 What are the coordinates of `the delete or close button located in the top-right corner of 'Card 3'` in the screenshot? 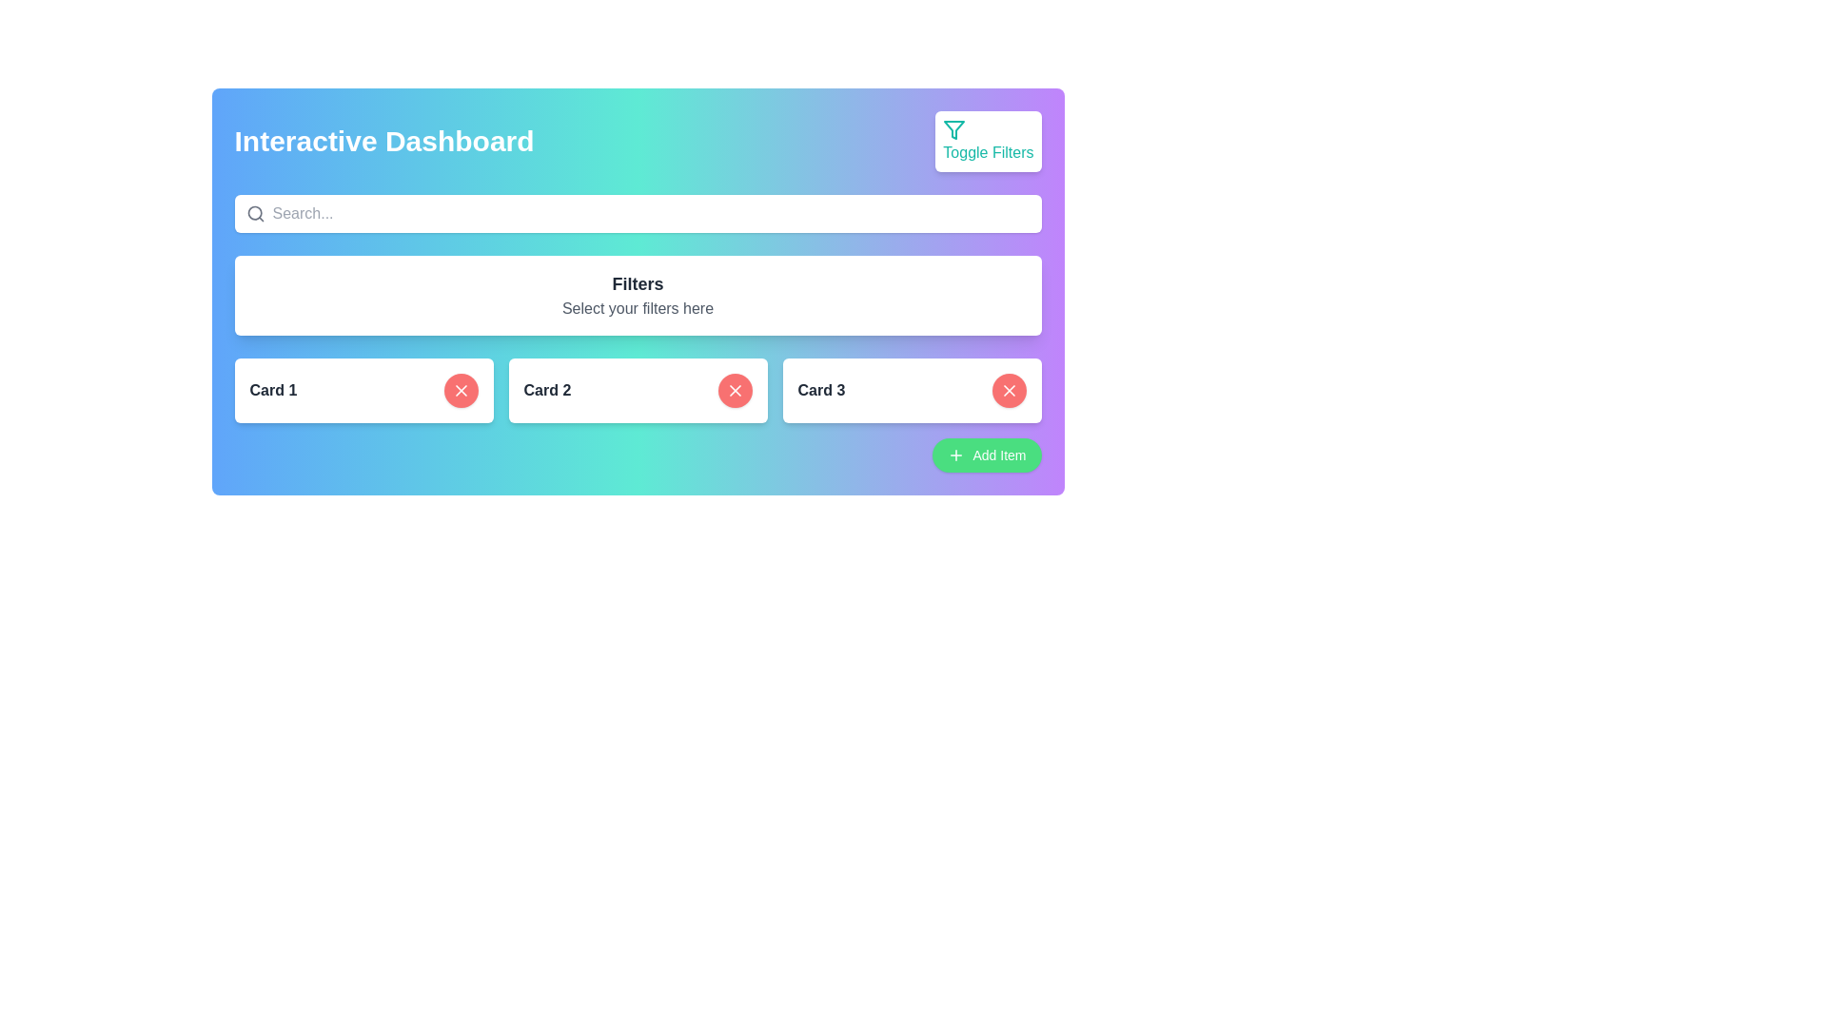 It's located at (1008, 390).